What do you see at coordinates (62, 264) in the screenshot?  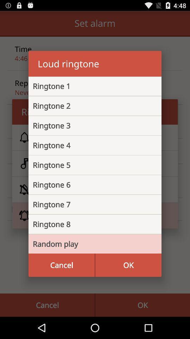 I see `the icon below random play icon` at bounding box center [62, 264].